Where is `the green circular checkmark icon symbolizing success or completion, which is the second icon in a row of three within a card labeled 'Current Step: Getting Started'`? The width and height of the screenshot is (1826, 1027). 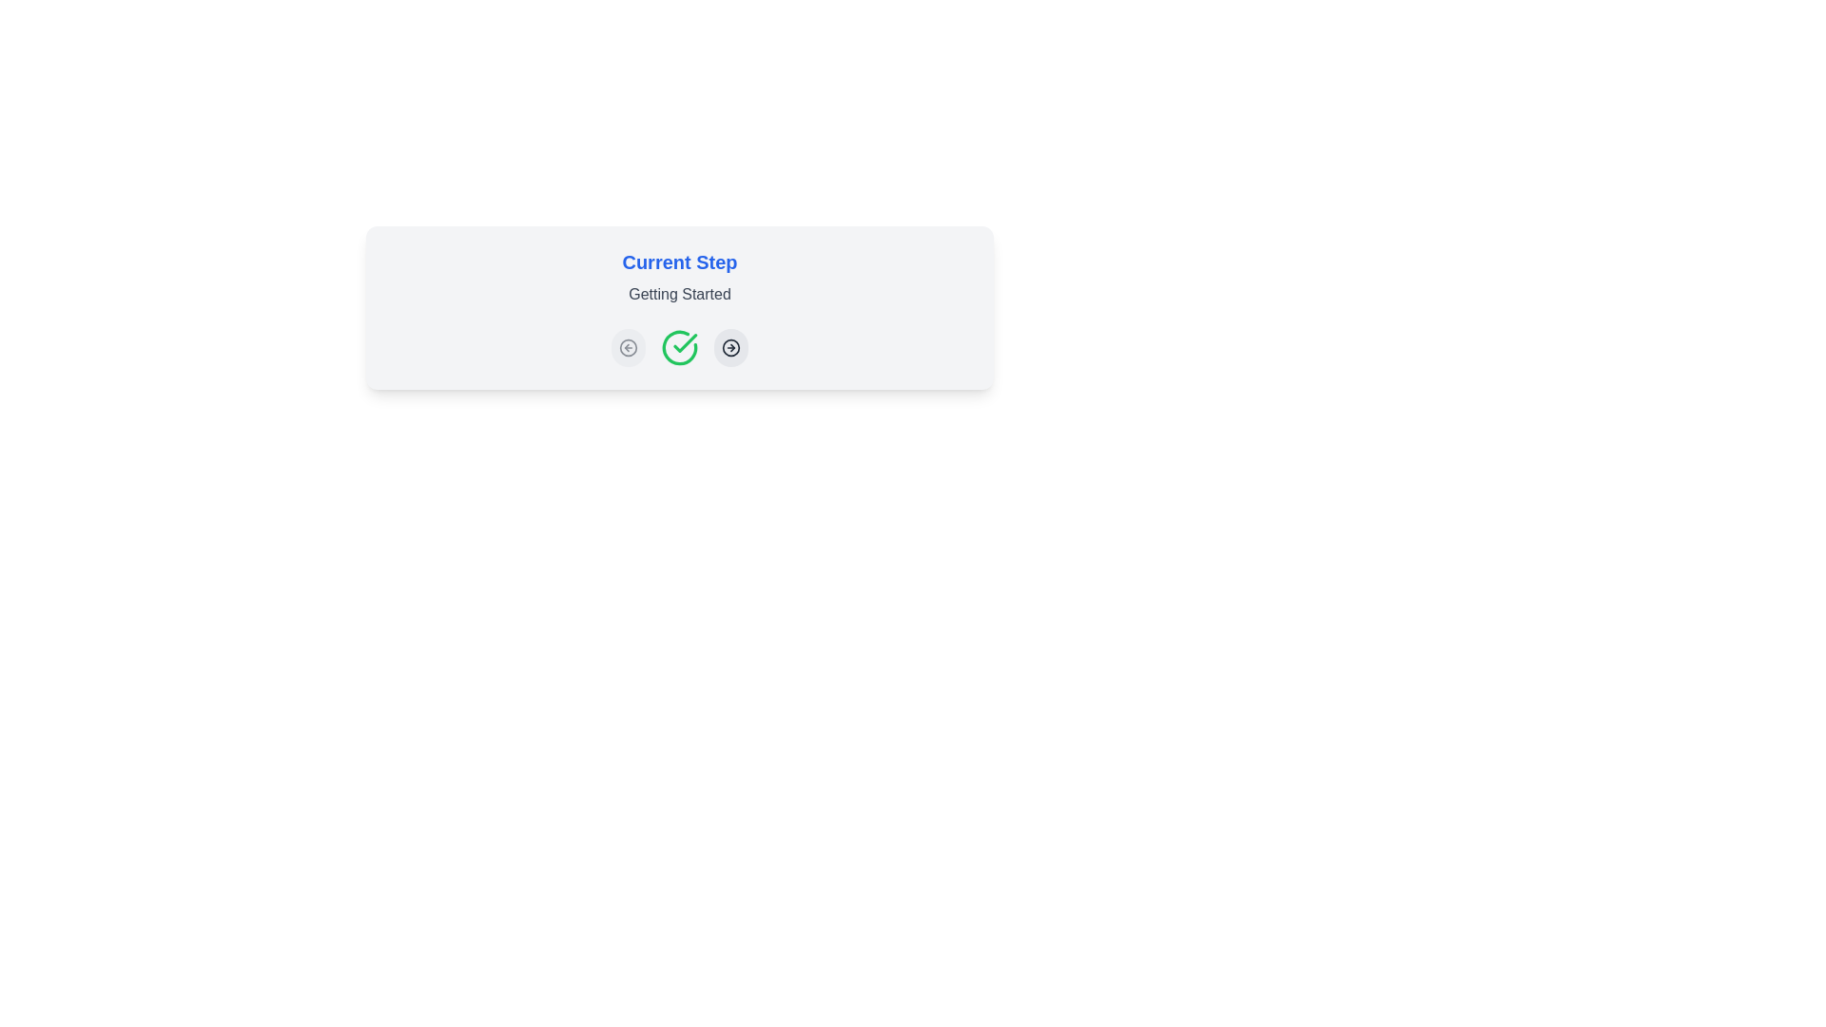 the green circular checkmark icon symbolizing success or completion, which is the second icon in a row of three within a card labeled 'Current Step: Getting Started' is located at coordinates (680, 348).